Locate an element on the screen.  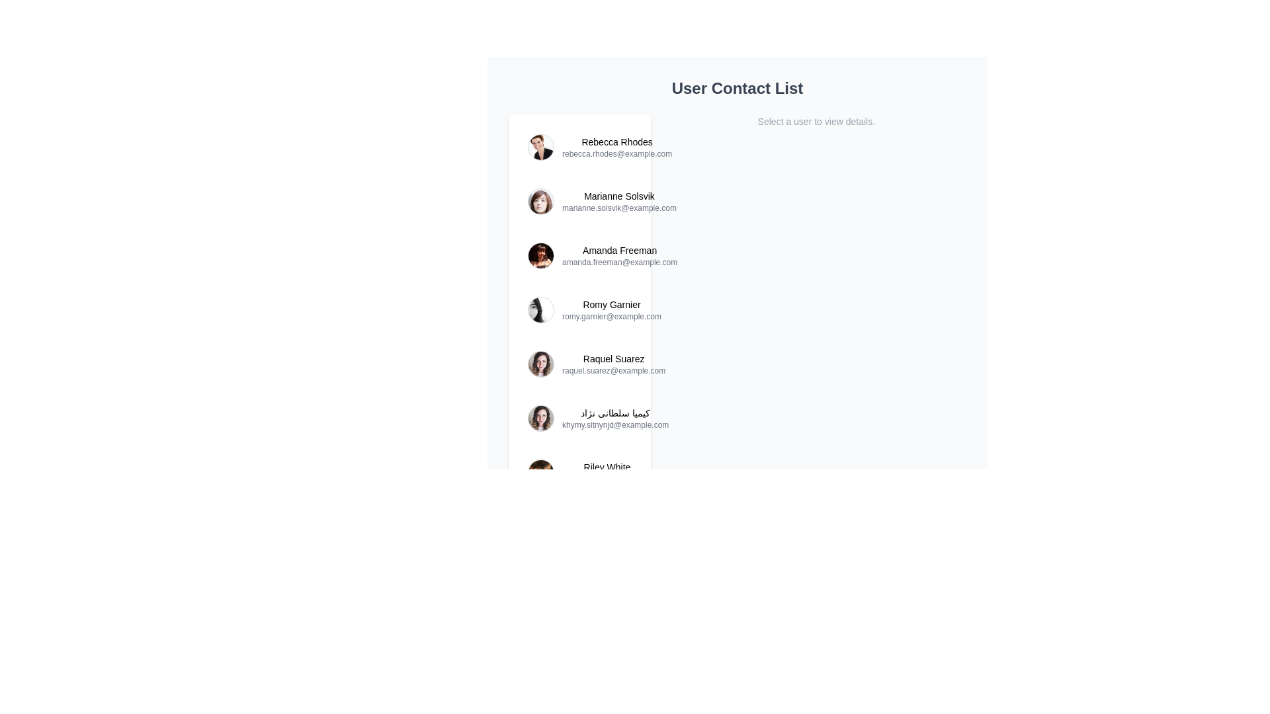
the text label displaying 'Raquel Suarez' in bold within the user contact list for selection purposes is located at coordinates (613, 359).